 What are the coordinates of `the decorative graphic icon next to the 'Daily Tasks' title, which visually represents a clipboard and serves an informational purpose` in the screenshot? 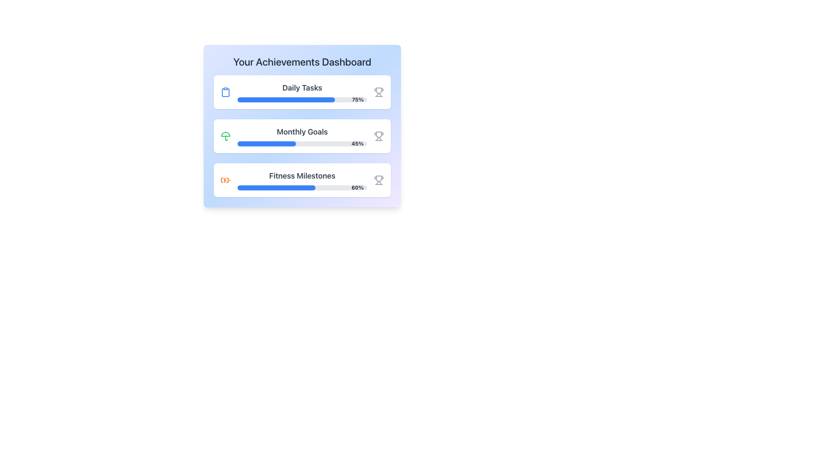 It's located at (225, 93).